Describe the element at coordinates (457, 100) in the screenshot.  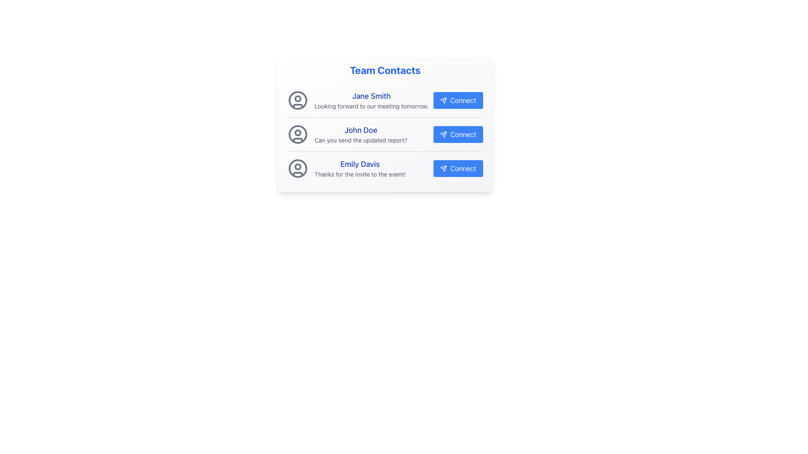
I see `the 'Connect' button, which is a rectangular button with rounded corners and a vibrant blue background, located to the right of 'Jane Smith'` at that location.